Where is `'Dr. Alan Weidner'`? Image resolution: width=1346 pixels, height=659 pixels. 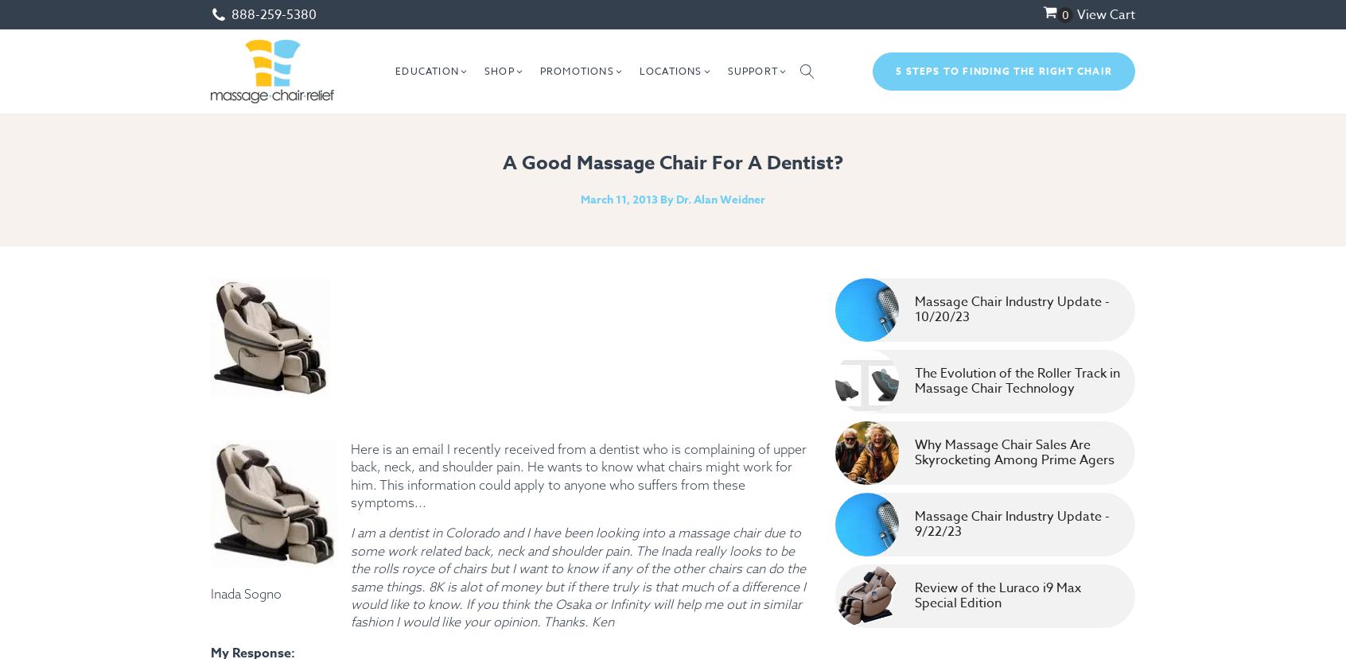 'Dr. Alan Weidner' is located at coordinates (720, 199).